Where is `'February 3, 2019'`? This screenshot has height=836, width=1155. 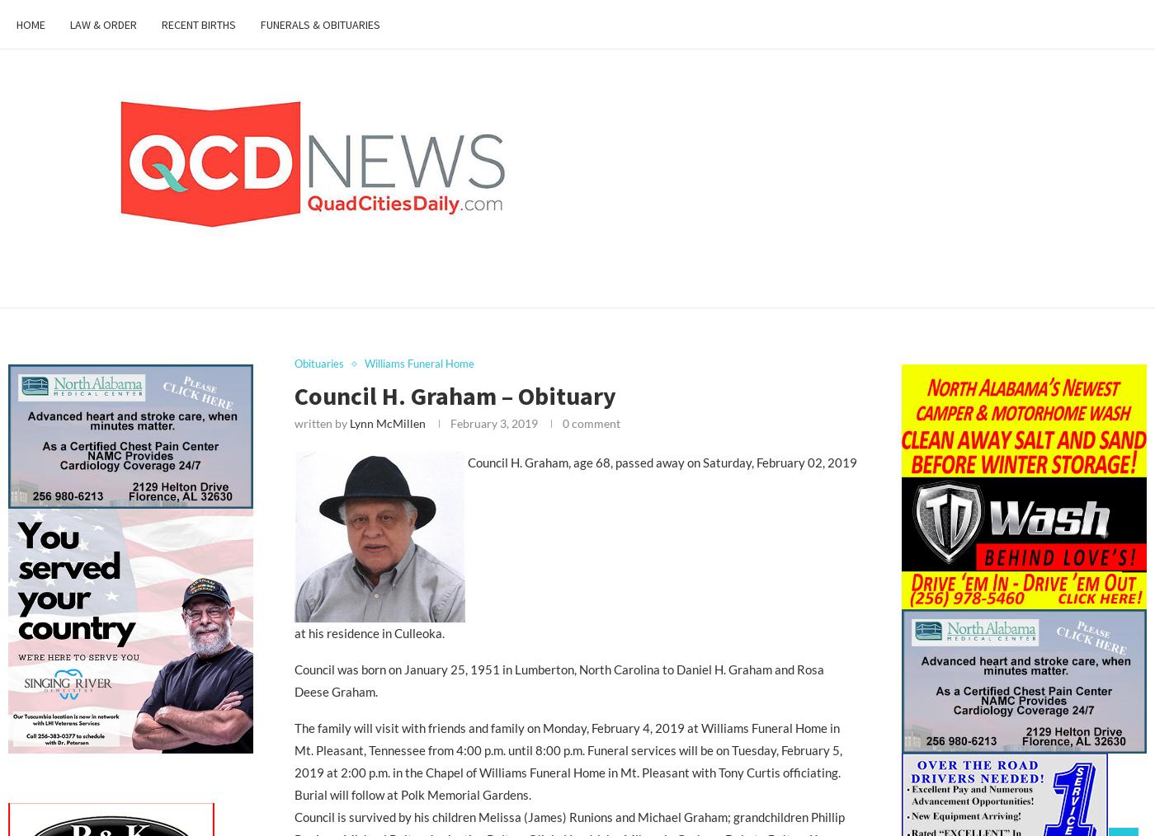
'February 3, 2019' is located at coordinates (493, 421).